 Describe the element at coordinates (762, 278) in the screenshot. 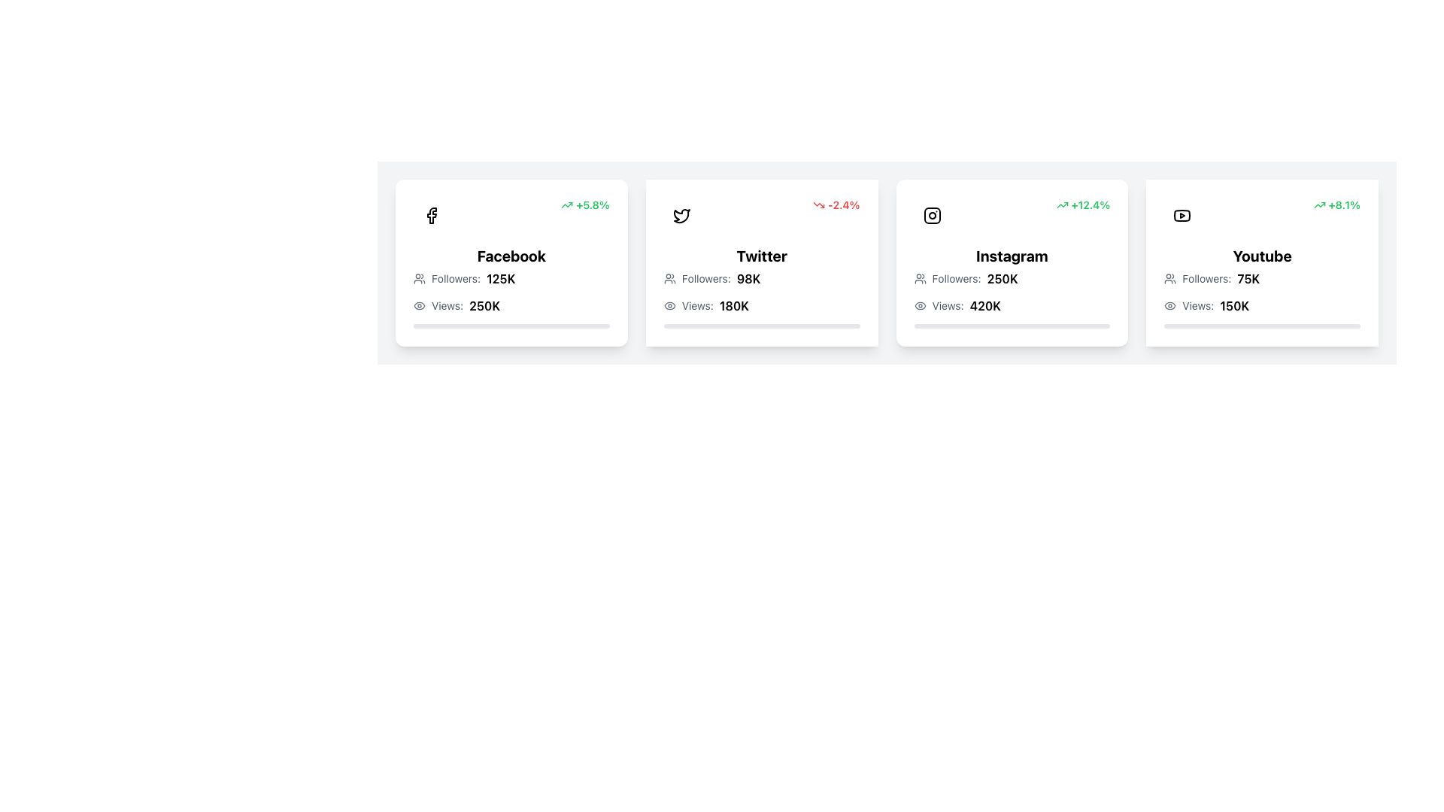

I see `the text displaying the number of followers associated with the Twitter account, located within the Twitter card beneath the main title` at that location.